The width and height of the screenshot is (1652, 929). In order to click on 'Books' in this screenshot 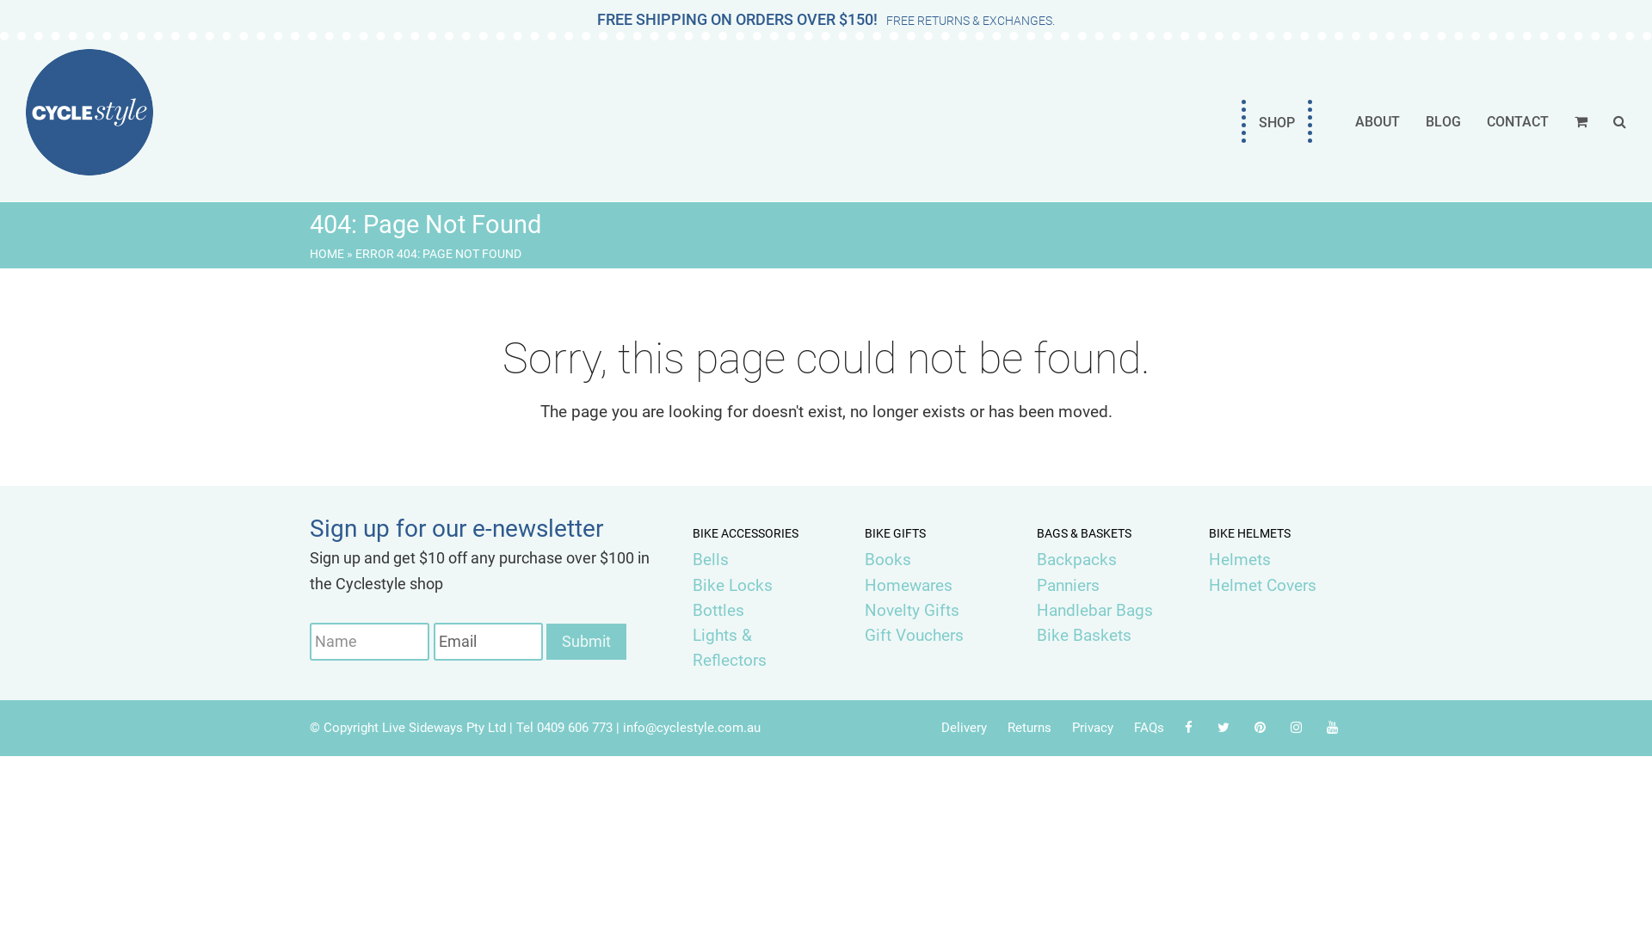, I will do `click(888, 559)`.